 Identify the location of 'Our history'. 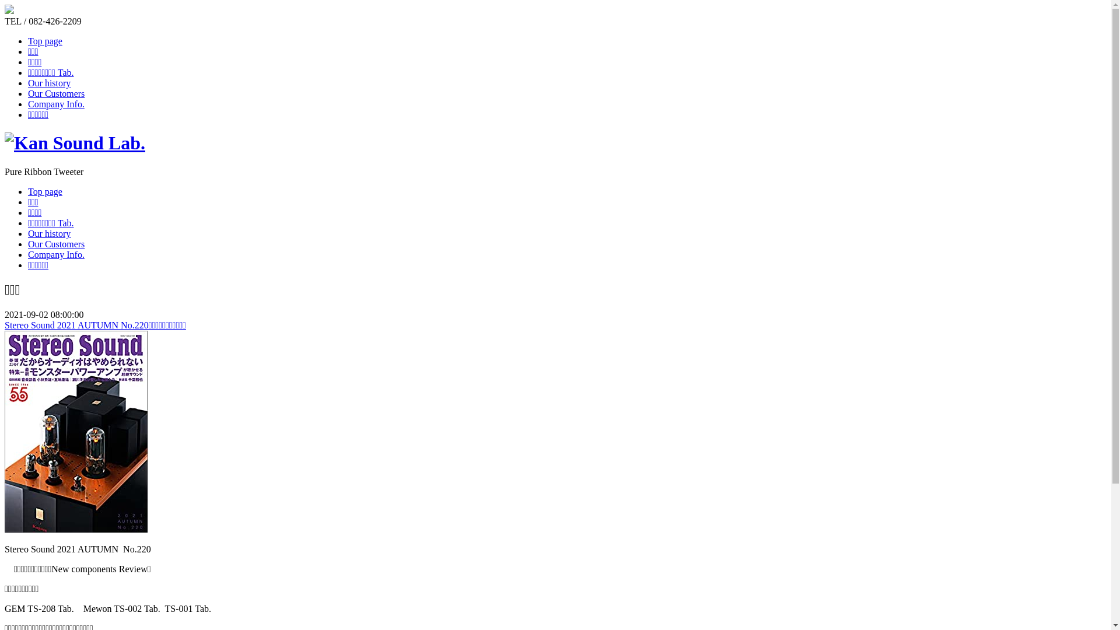
(28, 233).